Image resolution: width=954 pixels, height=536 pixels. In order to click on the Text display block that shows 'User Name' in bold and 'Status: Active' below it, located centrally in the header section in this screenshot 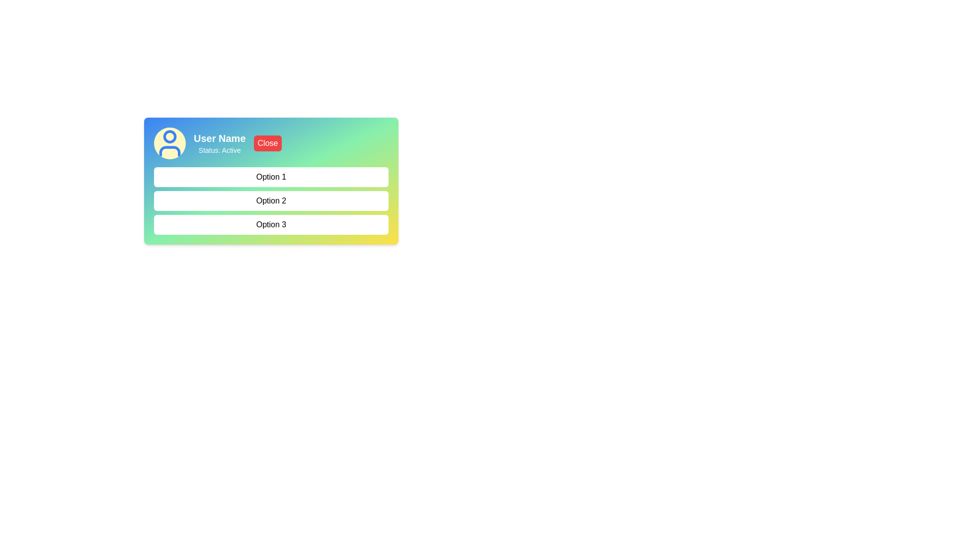, I will do `click(219, 143)`.